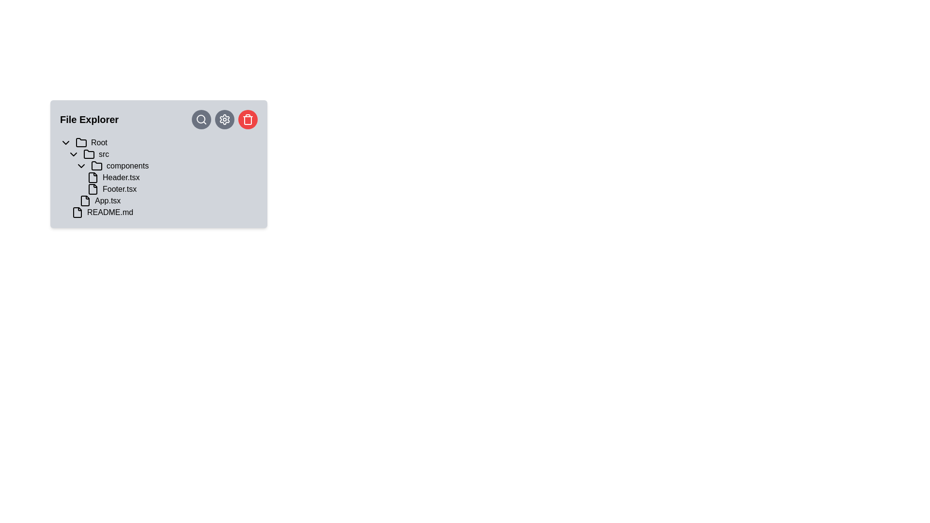 The height and width of the screenshot is (523, 930). Describe the element at coordinates (89, 119) in the screenshot. I see `the 'File Explorer' text label, which is displayed in a bold, large font style at the upper-left side of the panel interface` at that location.